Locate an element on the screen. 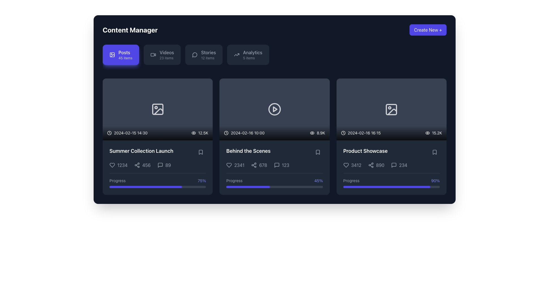 The width and height of the screenshot is (543, 305). the 'Posts' button, which is a rectangular button with rounded corners, vibrant indigo background, an image frame icon on the left, and white text displaying 'Posts' and '45 items' is located at coordinates (120, 55).